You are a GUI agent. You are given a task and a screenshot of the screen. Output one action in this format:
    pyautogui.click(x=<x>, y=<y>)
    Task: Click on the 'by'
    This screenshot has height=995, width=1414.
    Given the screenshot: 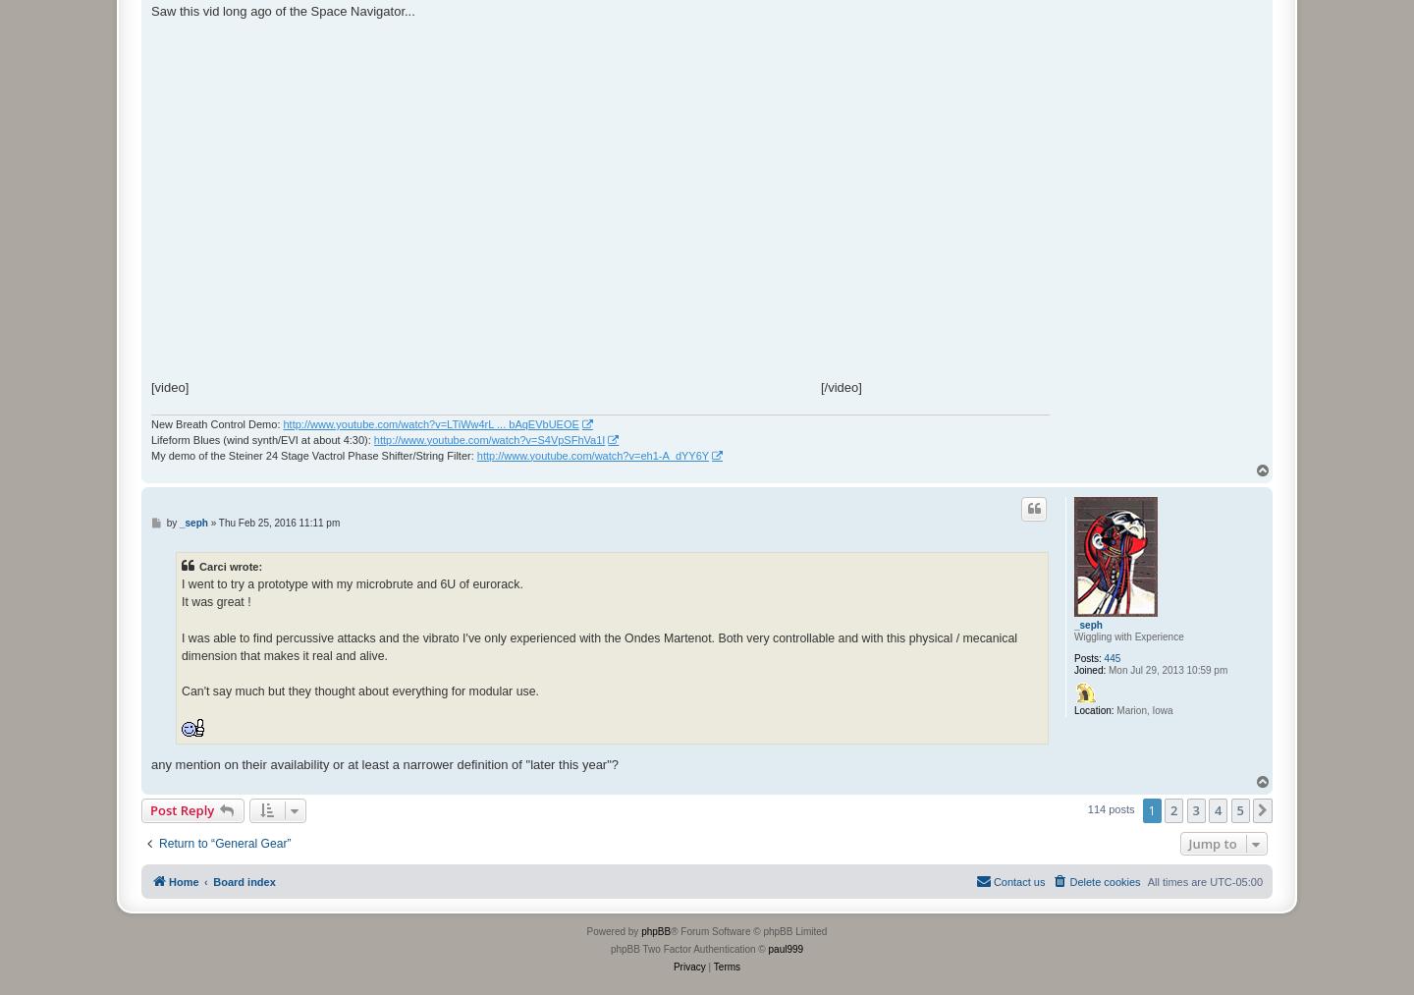 What is the action you would take?
    pyautogui.click(x=171, y=522)
    